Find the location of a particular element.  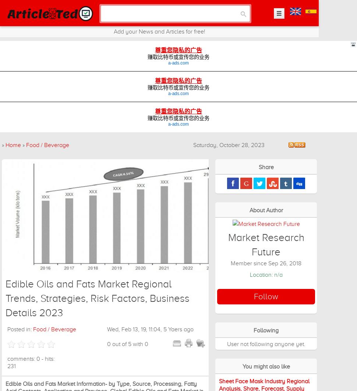

'Posted in:' is located at coordinates (20, 328).